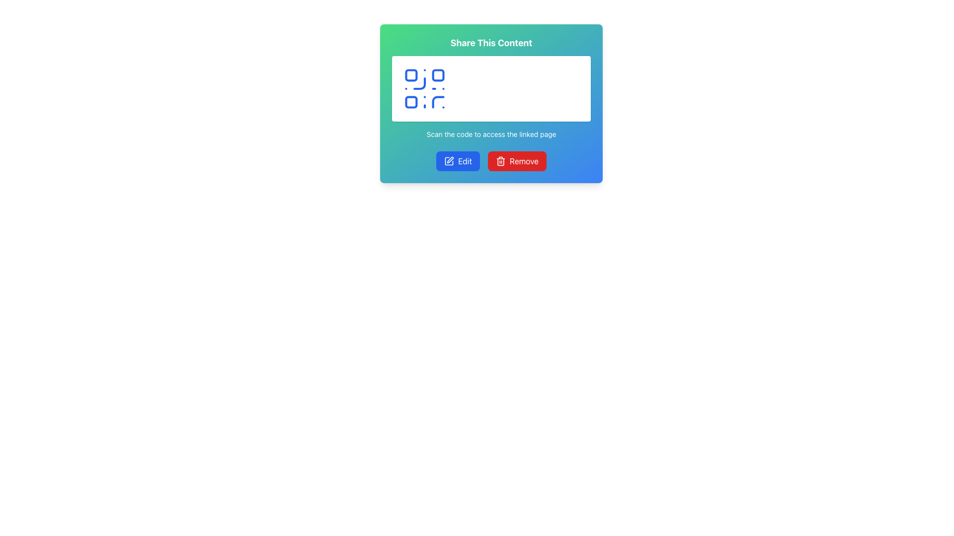 This screenshot has height=536, width=954. What do you see at coordinates (517, 160) in the screenshot?
I see `the red 'Remove' button with rounded corners and a trash bin icon` at bounding box center [517, 160].